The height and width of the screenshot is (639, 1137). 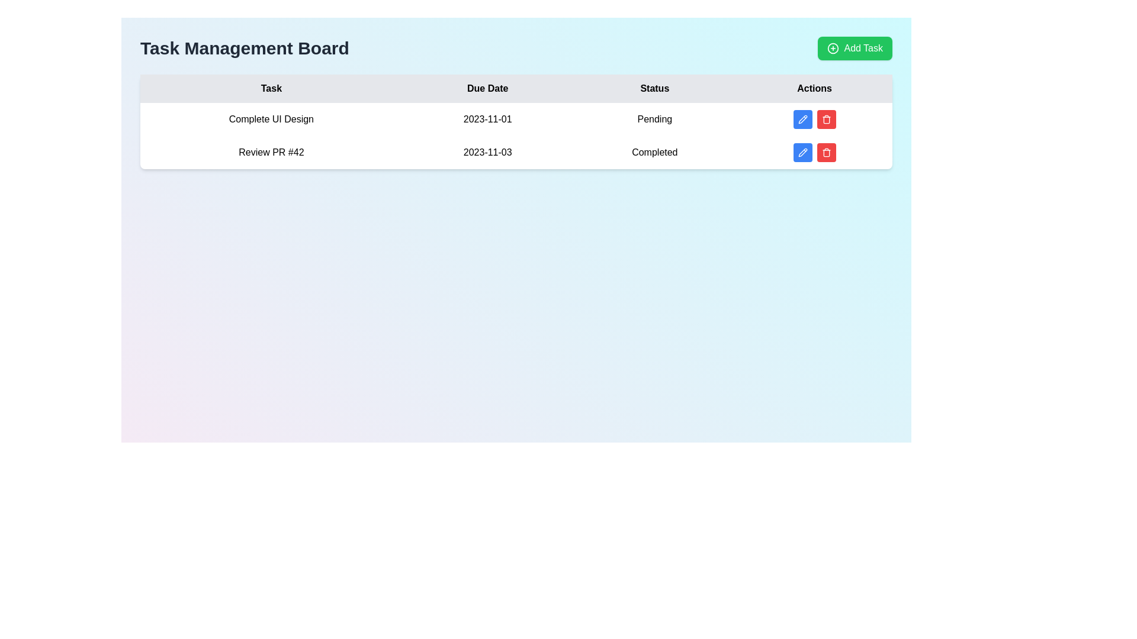 What do you see at coordinates (855, 47) in the screenshot?
I see `the green 'Add Task' button with a white plus icon located in the top-right corner of the interface, next to the 'Task Management Board' header` at bounding box center [855, 47].